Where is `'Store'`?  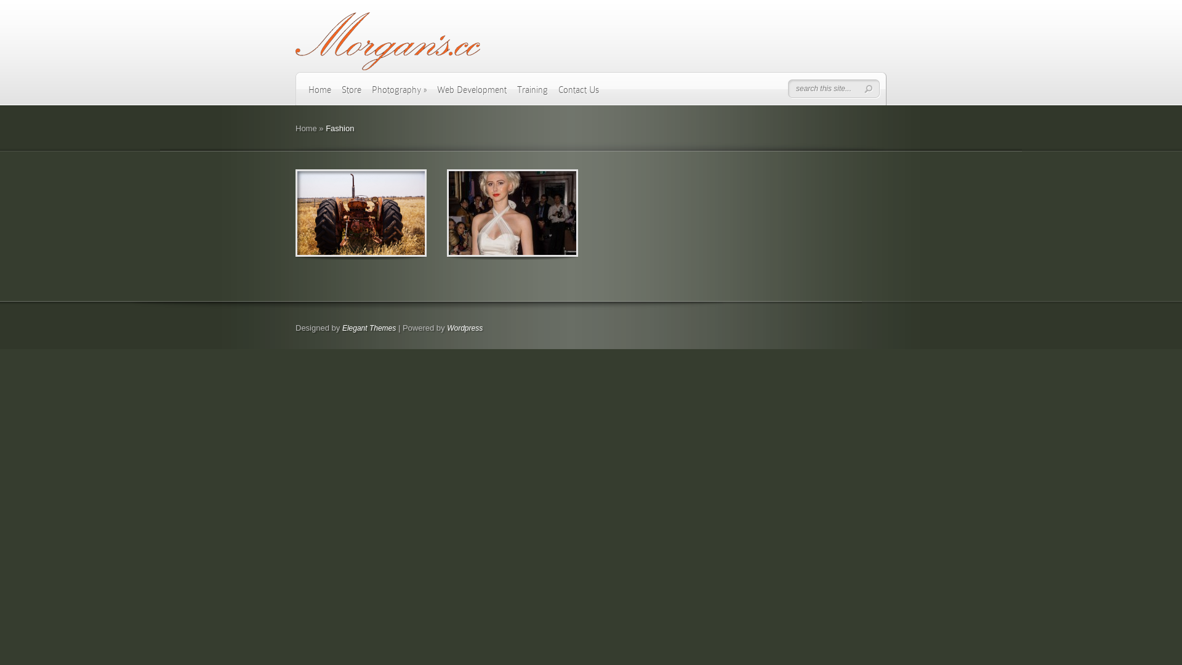
'Store' is located at coordinates (351, 94).